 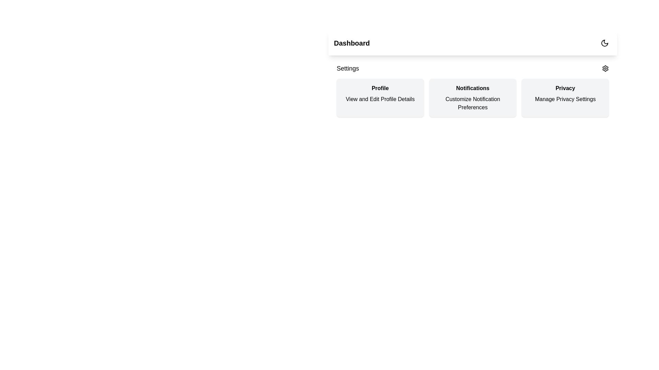 I want to click on the gear-shaped settings icon located on the far right side of the header section to potentially reveal additional options, so click(x=605, y=69).